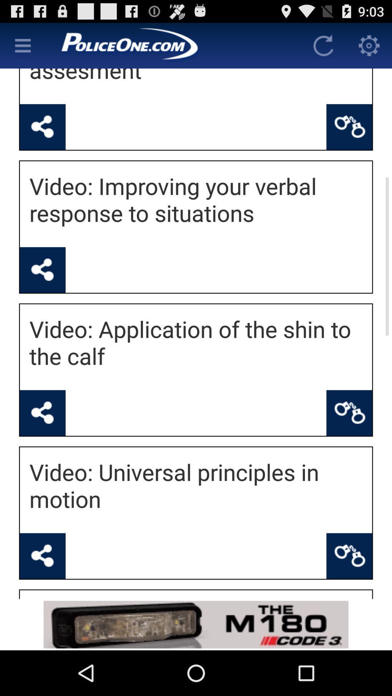 Image resolution: width=392 pixels, height=696 pixels. What do you see at coordinates (369, 45) in the screenshot?
I see `open settings` at bounding box center [369, 45].